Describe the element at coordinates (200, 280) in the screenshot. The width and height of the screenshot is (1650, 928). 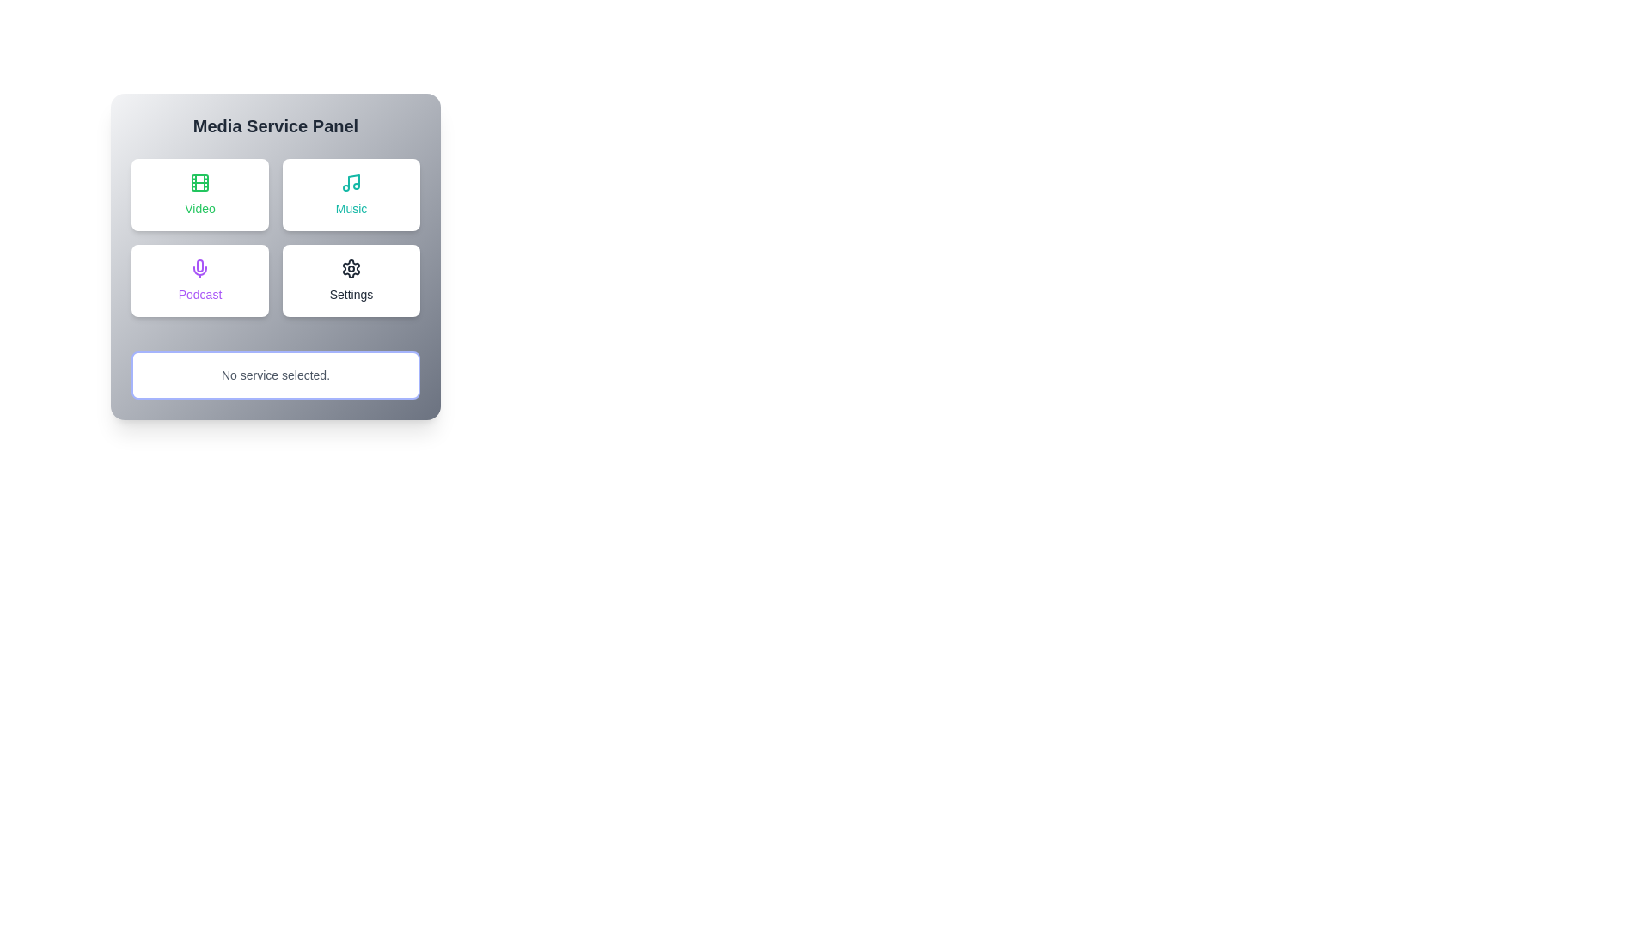
I see `the 'Podcast' button` at that location.